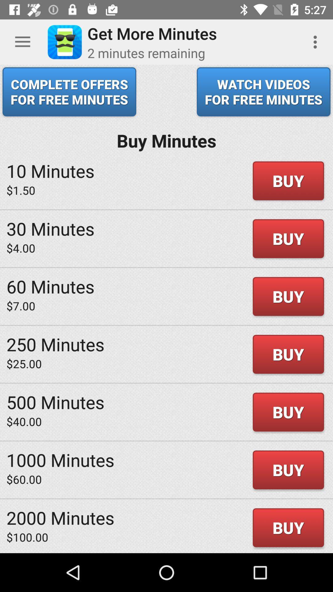  Describe the element at coordinates (288, 180) in the screenshot. I see `buy in first row` at that location.